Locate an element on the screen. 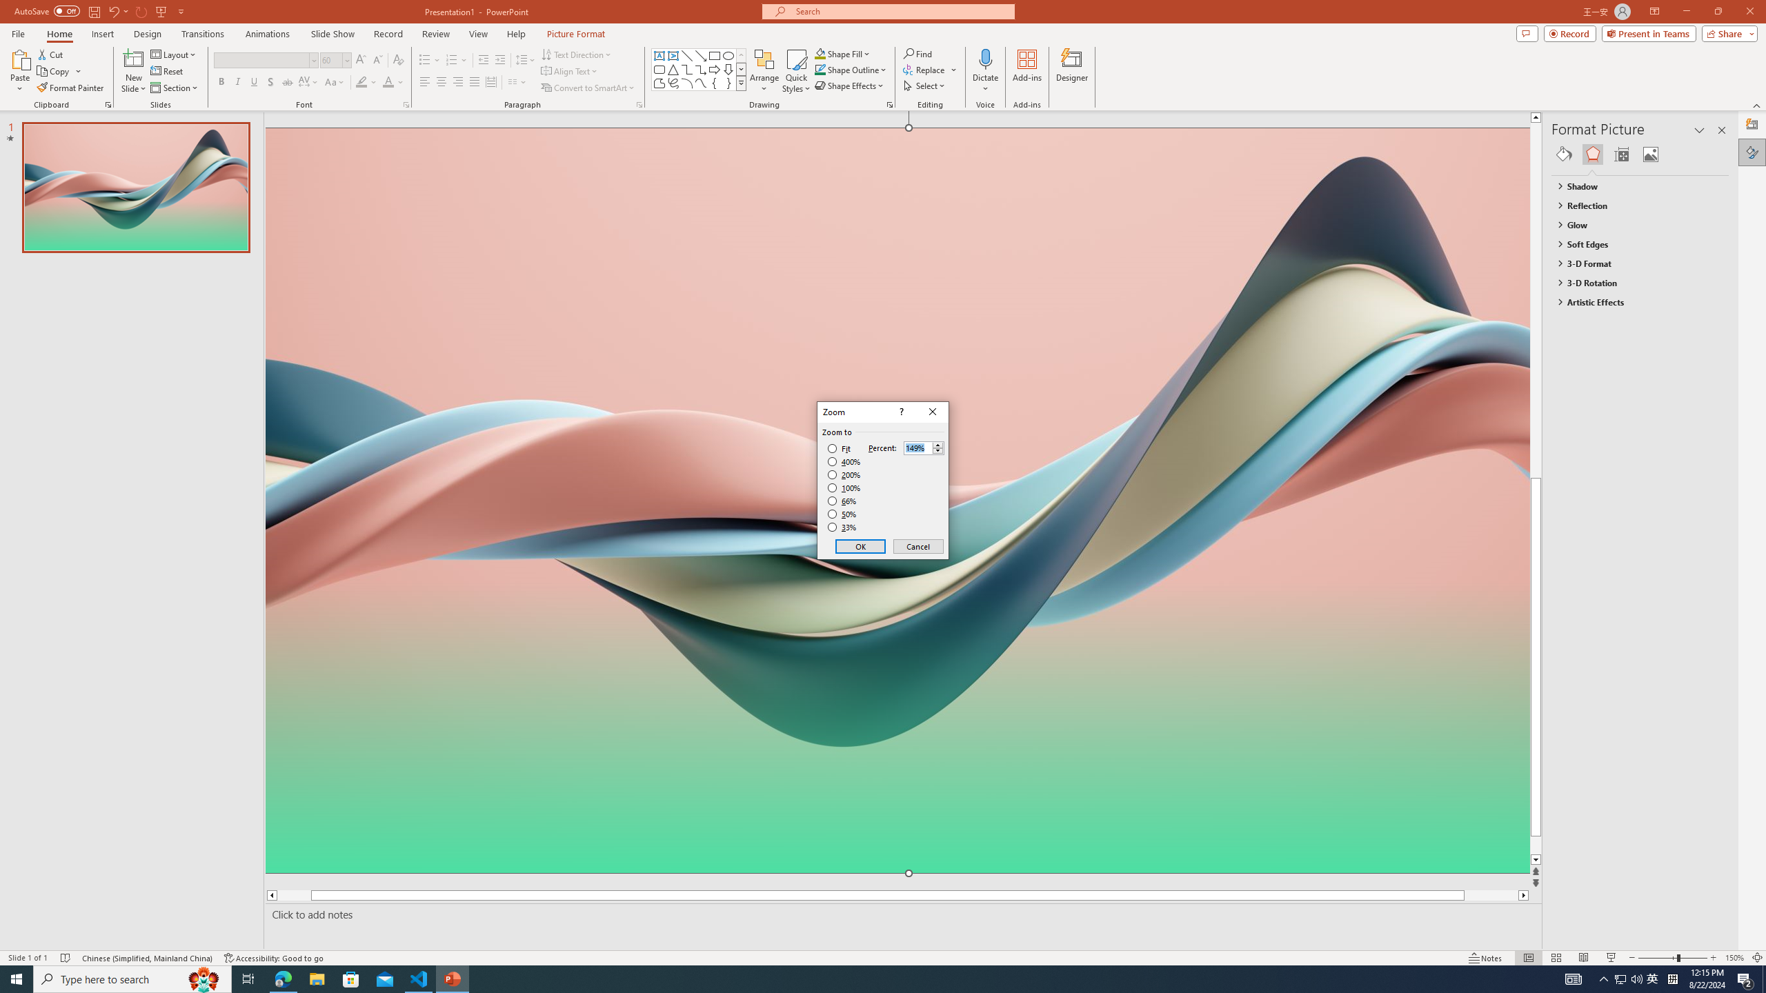 Image resolution: width=1766 pixels, height=993 pixels. 'Fit' is located at coordinates (839, 449).